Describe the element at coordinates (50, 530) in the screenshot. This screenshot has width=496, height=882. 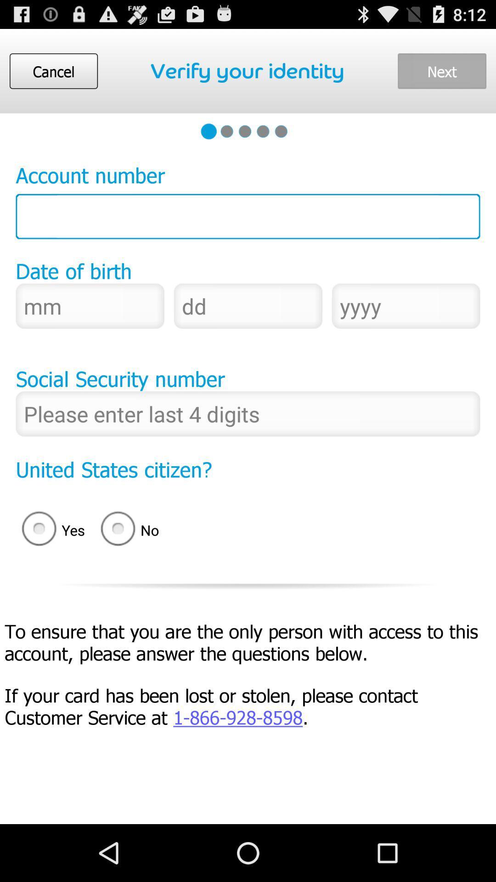
I see `the yes icon` at that location.